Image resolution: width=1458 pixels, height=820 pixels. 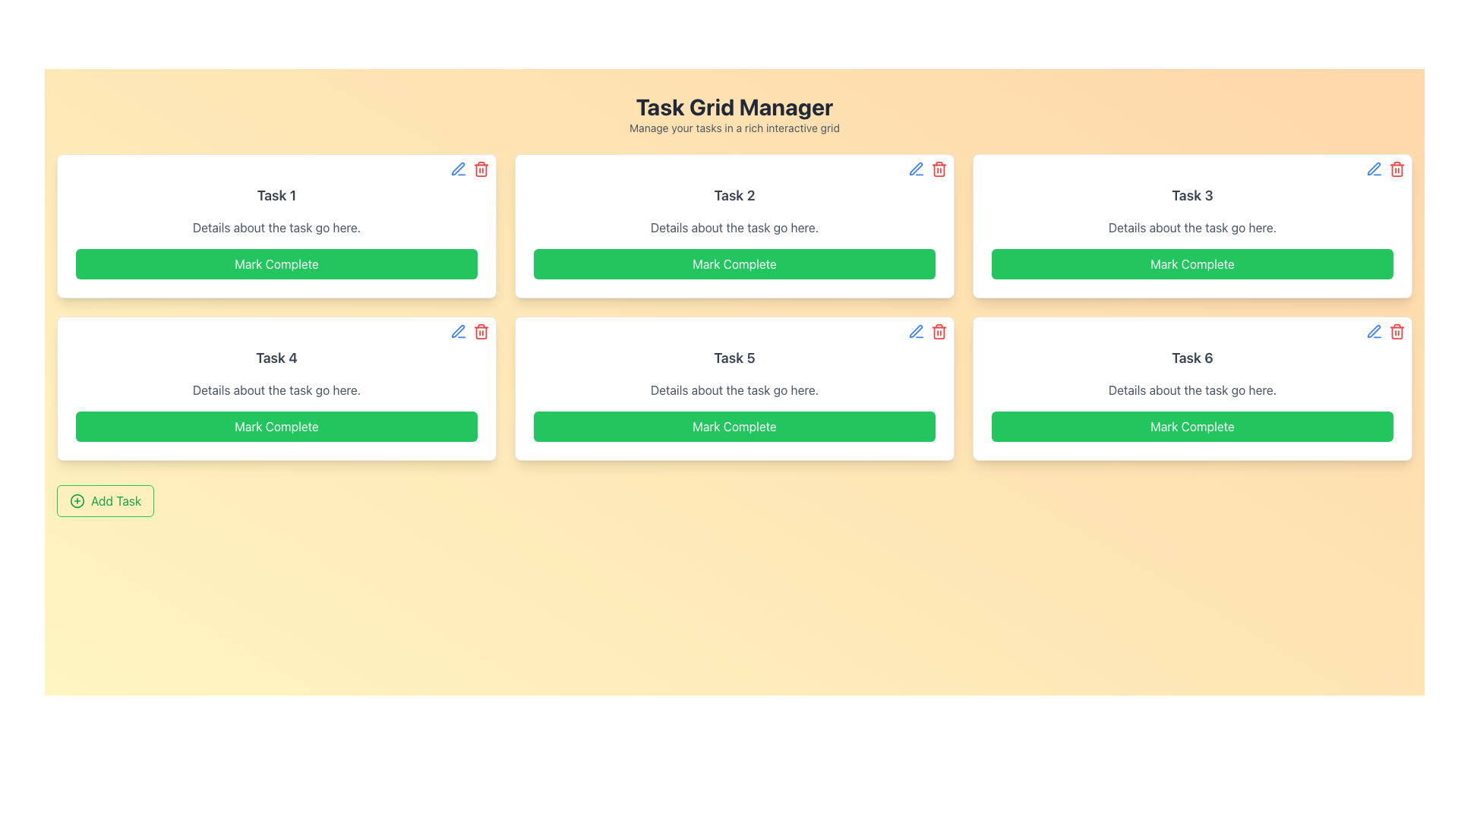 I want to click on the pen icon located in the top-right corner of the Task 3 card in the second row and first column of the grid layout, so click(x=1374, y=169).